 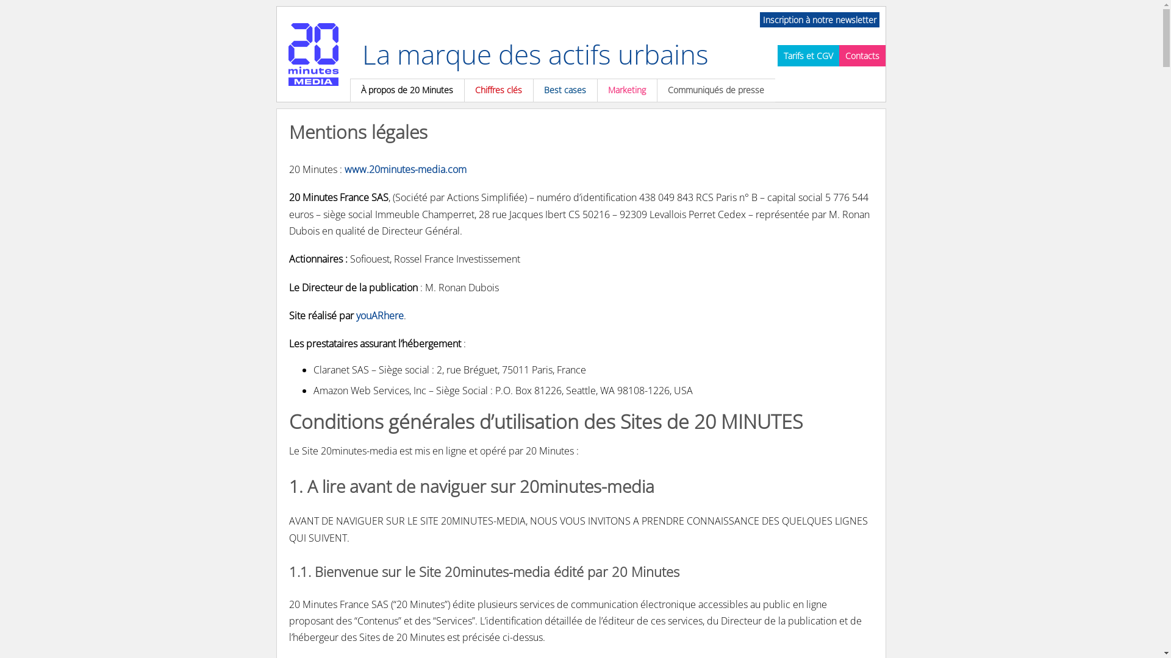 I want to click on 'Marketing', so click(x=626, y=89).